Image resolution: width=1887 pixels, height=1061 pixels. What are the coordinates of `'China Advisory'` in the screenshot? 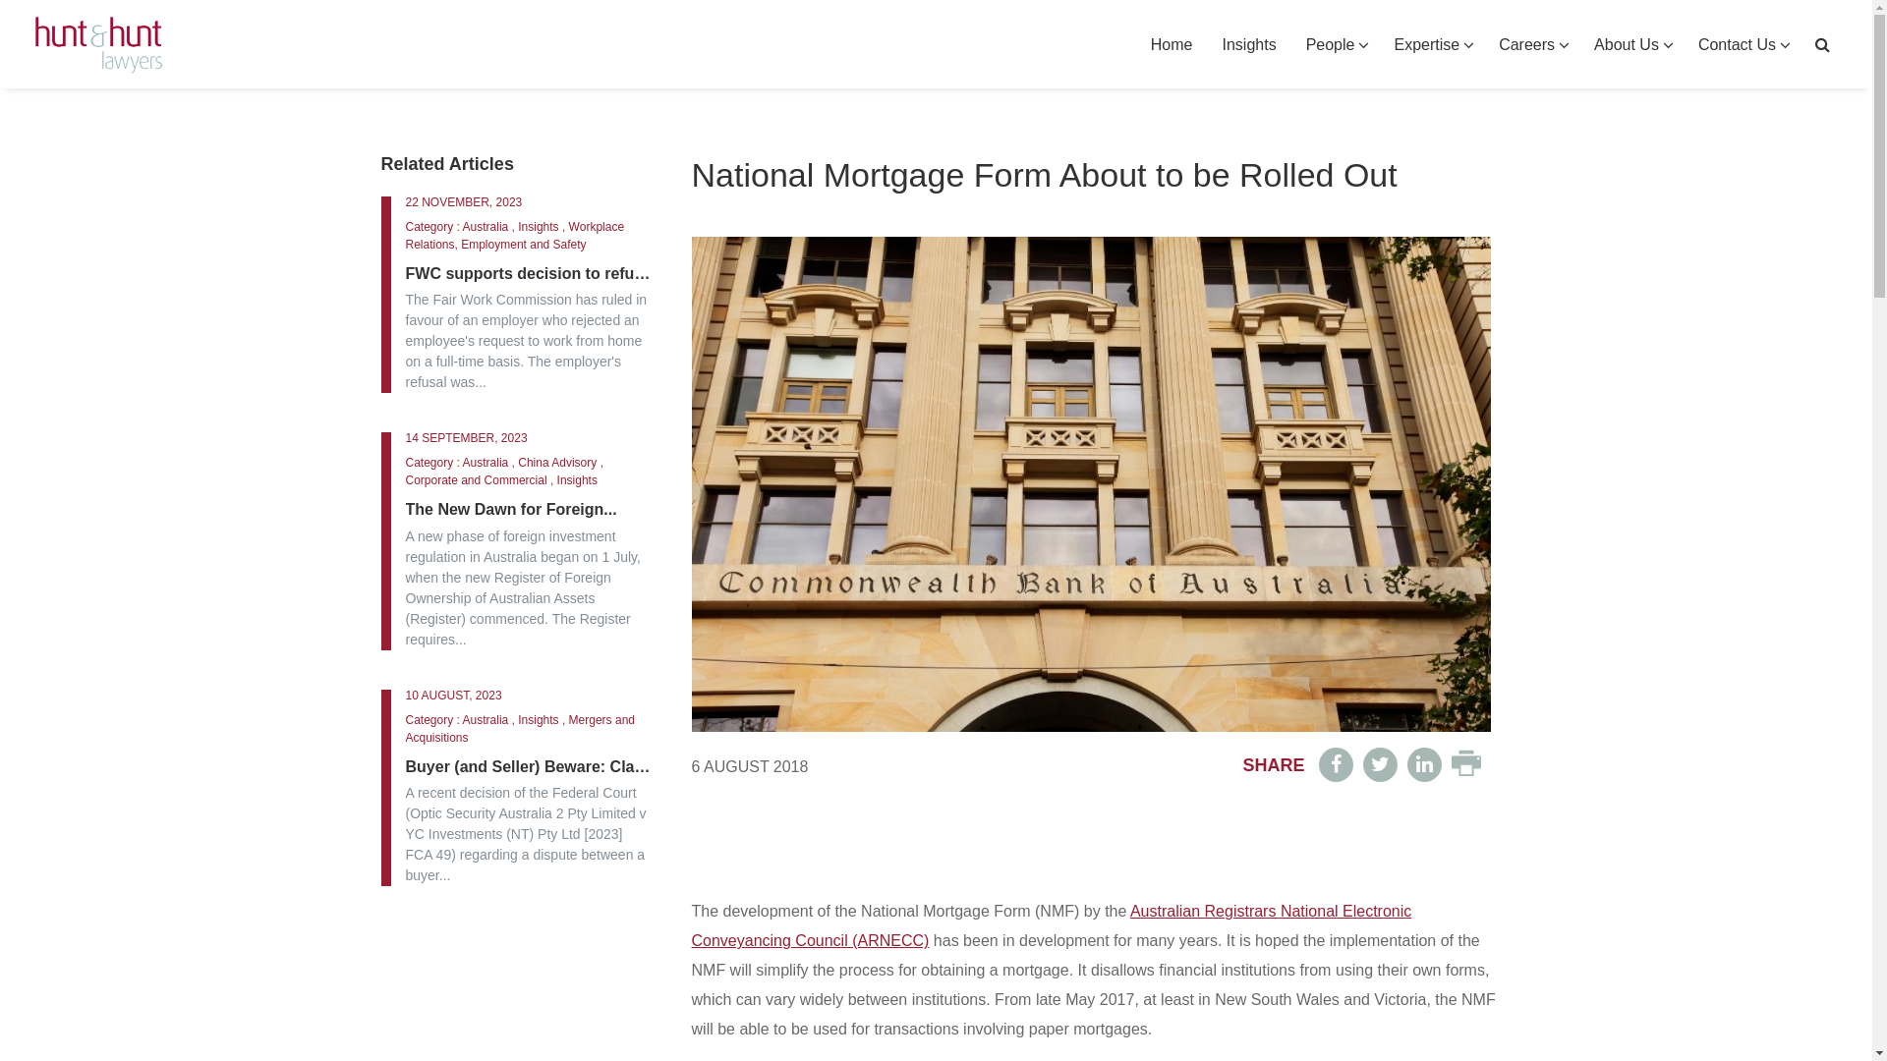 It's located at (555, 462).